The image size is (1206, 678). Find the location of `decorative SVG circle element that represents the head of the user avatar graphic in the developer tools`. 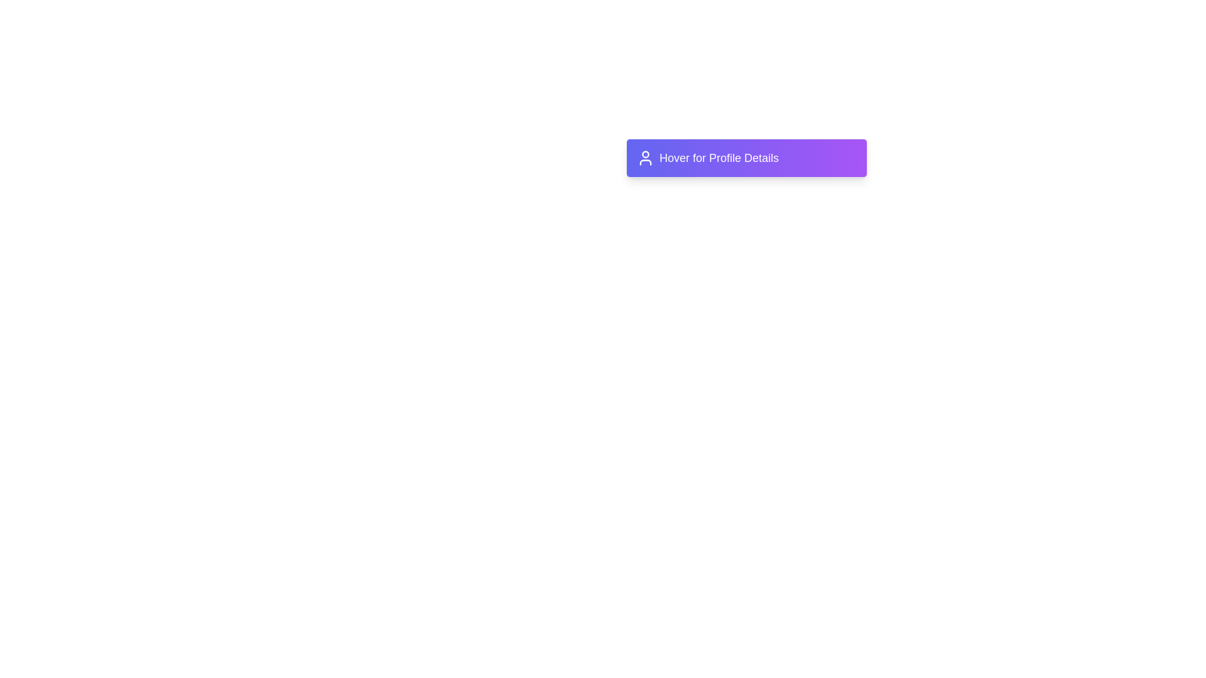

decorative SVG circle element that represents the head of the user avatar graphic in the developer tools is located at coordinates (645, 154).